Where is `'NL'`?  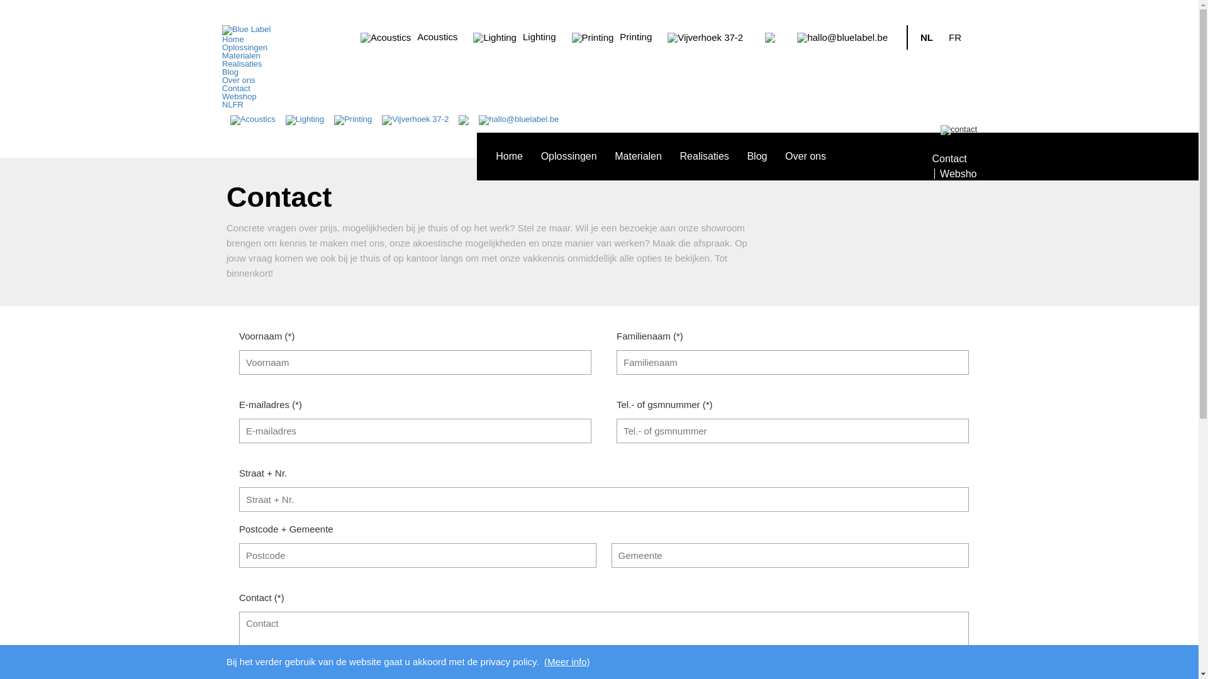
'NL' is located at coordinates (222, 104).